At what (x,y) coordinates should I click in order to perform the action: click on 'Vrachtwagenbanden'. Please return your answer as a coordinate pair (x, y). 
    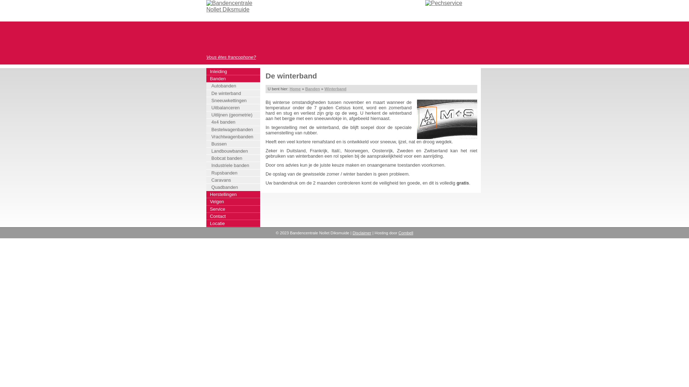
    Looking at the image, I should click on (234, 137).